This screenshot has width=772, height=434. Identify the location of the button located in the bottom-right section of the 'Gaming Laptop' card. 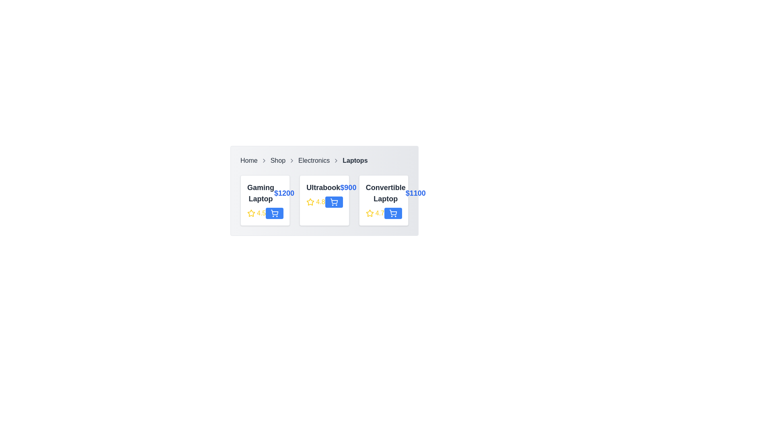
(275, 213).